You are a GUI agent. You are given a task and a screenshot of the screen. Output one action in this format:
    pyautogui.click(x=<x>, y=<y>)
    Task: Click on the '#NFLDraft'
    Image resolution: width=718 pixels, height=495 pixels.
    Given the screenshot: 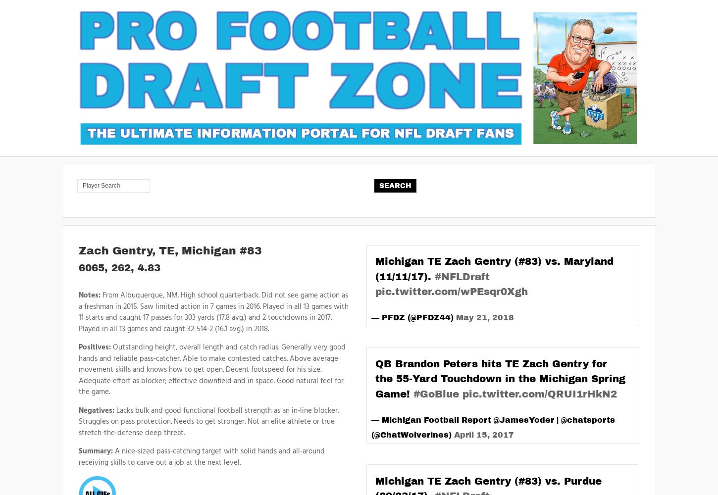 What is the action you would take?
    pyautogui.click(x=462, y=276)
    